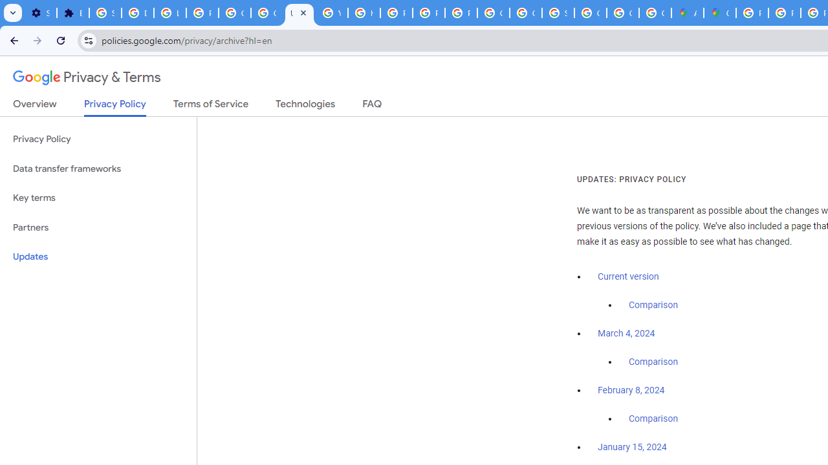  What do you see at coordinates (653, 419) in the screenshot?
I see `'Comparison'` at bounding box center [653, 419].